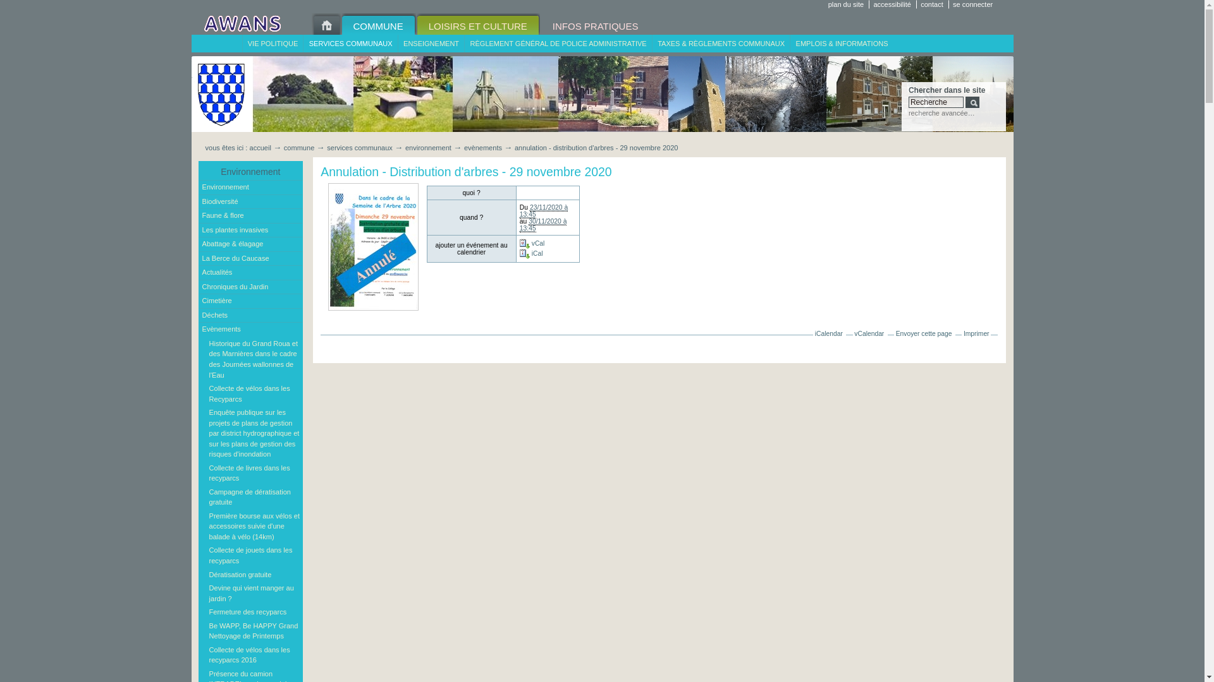  Describe the element at coordinates (251, 287) in the screenshot. I see `'Chroniques du Jardin'` at that location.